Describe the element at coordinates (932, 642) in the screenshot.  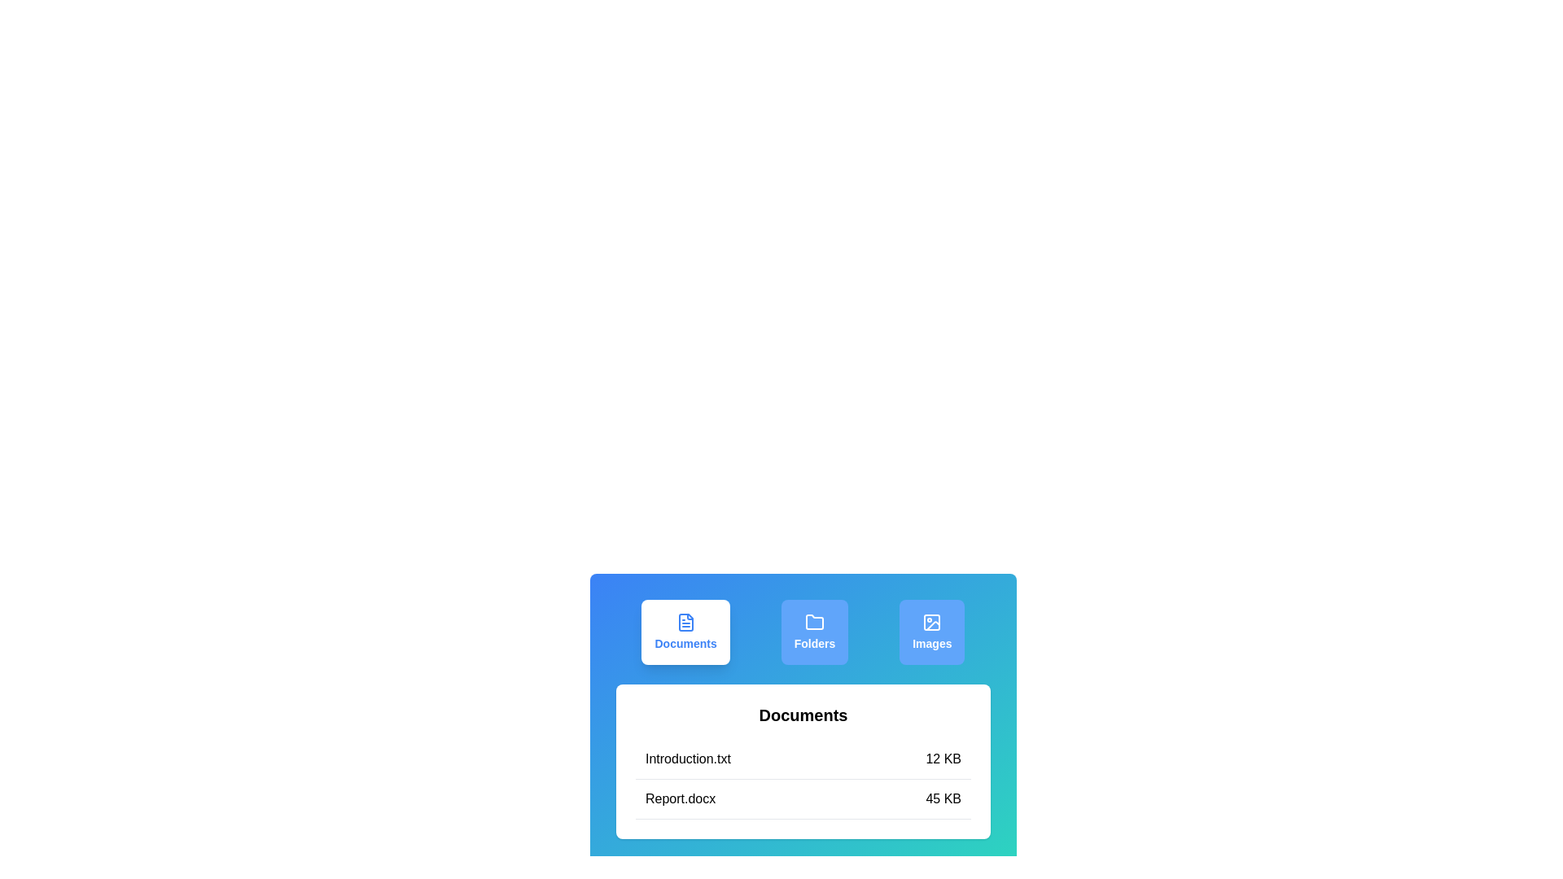
I see `text label 'Images' located within the blue rounded button on the right side of the horizontal layout` at that location.